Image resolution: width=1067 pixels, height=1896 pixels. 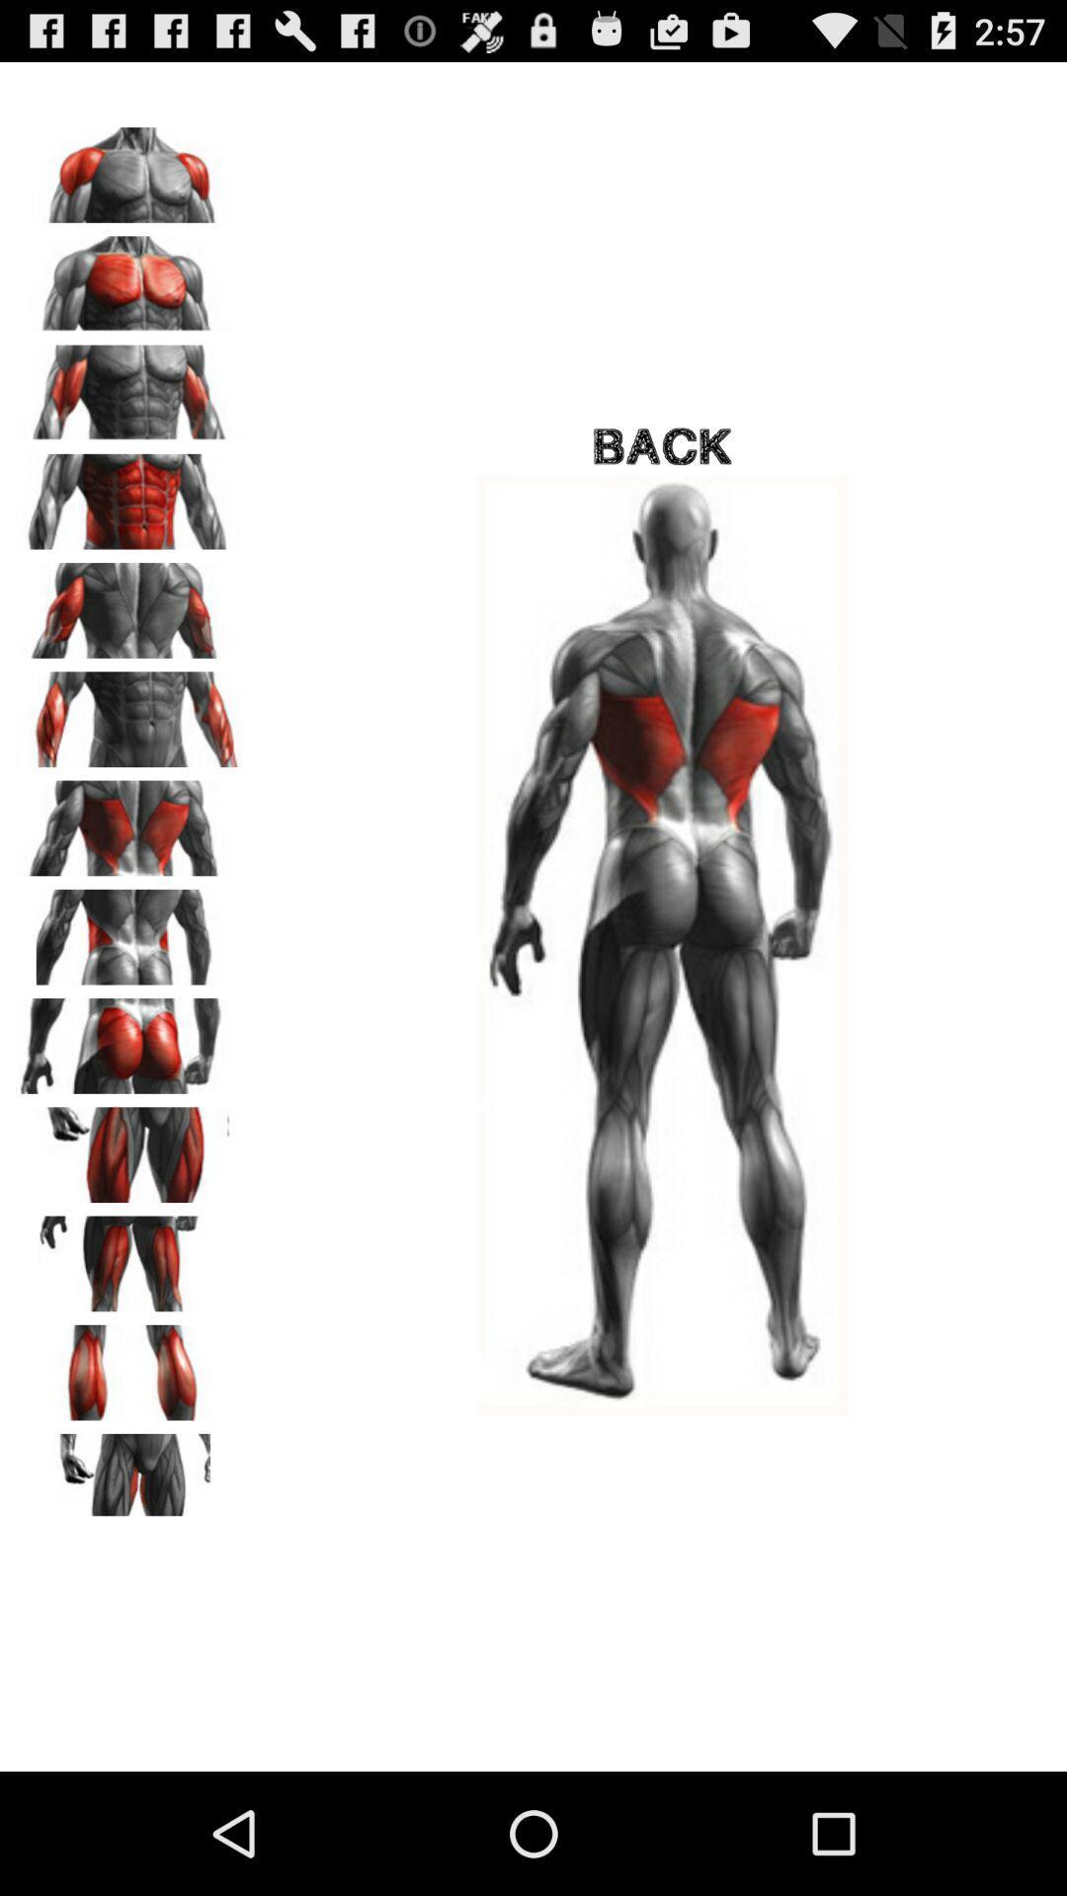 What do you see at coordinates (129, 1365) in the screenshot?
I see `zoom to area` at bounding box center [129, 1365].